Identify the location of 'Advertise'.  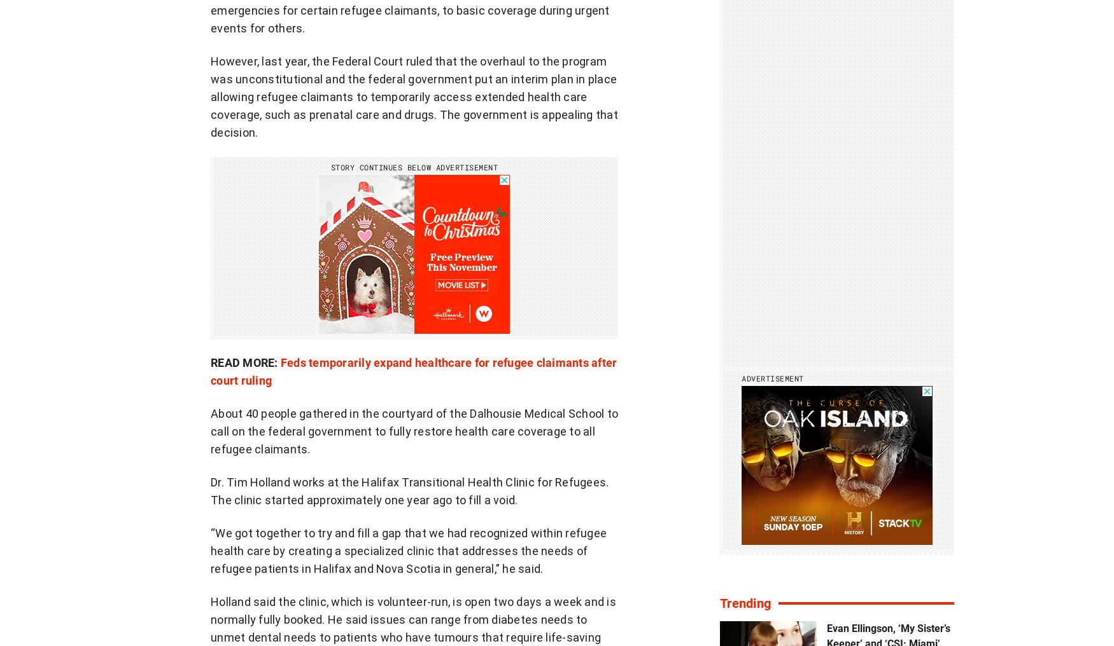
(408, 615).